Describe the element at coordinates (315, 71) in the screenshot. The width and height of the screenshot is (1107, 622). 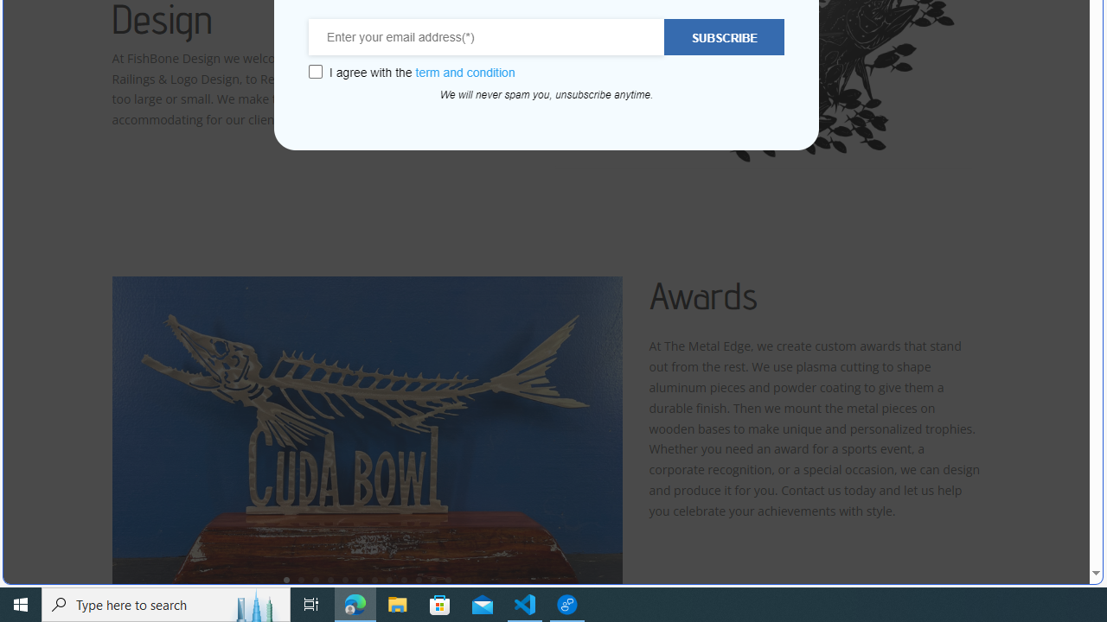
I see `'Class: wcb-gdpr-checkbox'` at that location.